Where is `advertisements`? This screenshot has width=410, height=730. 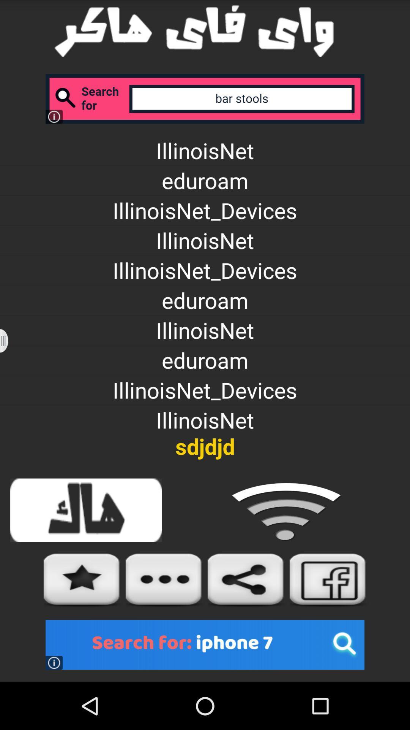
advertisements is located at coordinates (205, 644).